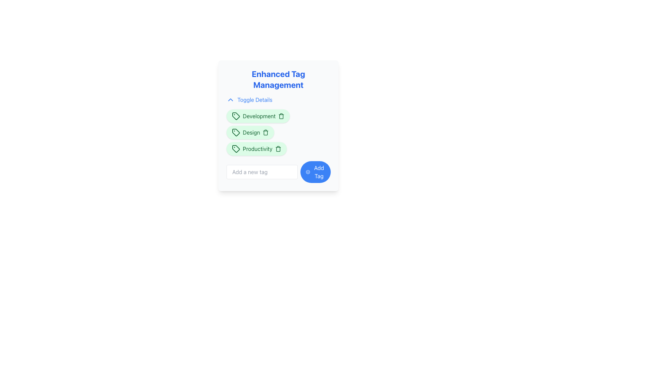  What do you see at coordinates (308, 172) in the screenshot?
I see `the circular icon within the 'Add Tag' button located in the bottom-right corner of the 'Enhanced Tag Management' card` at bounding box center [308, 172].